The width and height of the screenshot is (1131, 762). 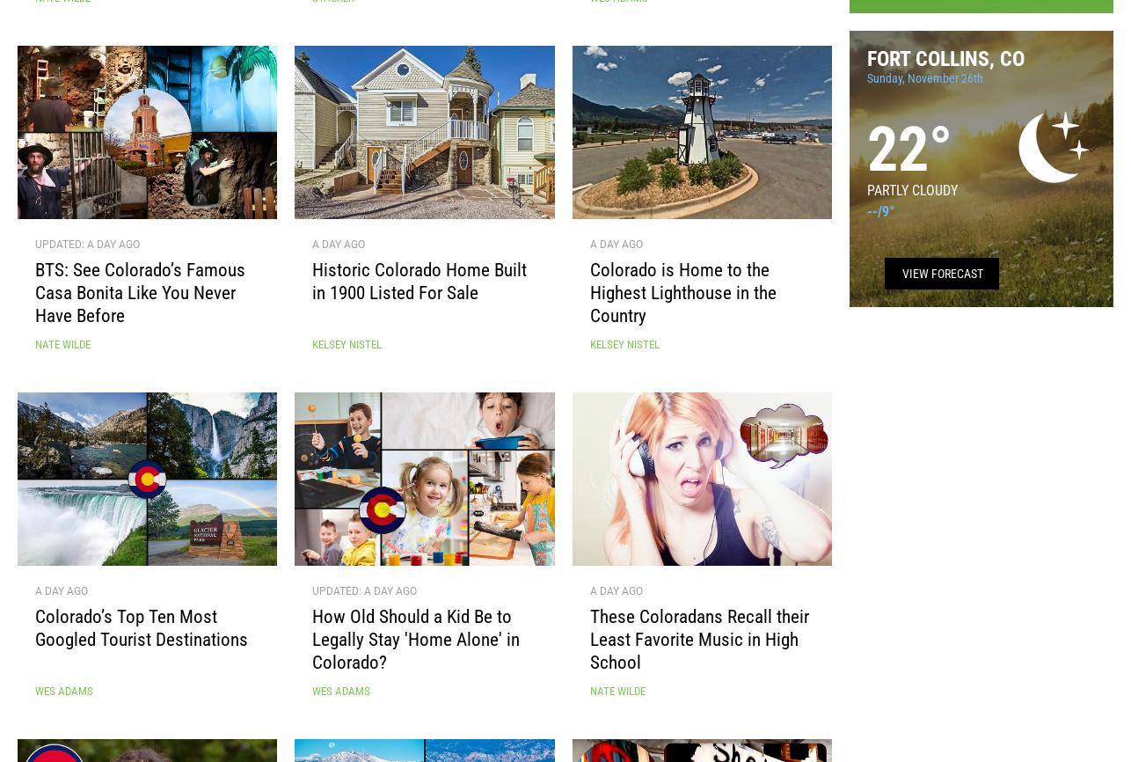 I want to click on '/', so click(x=879, y=217).